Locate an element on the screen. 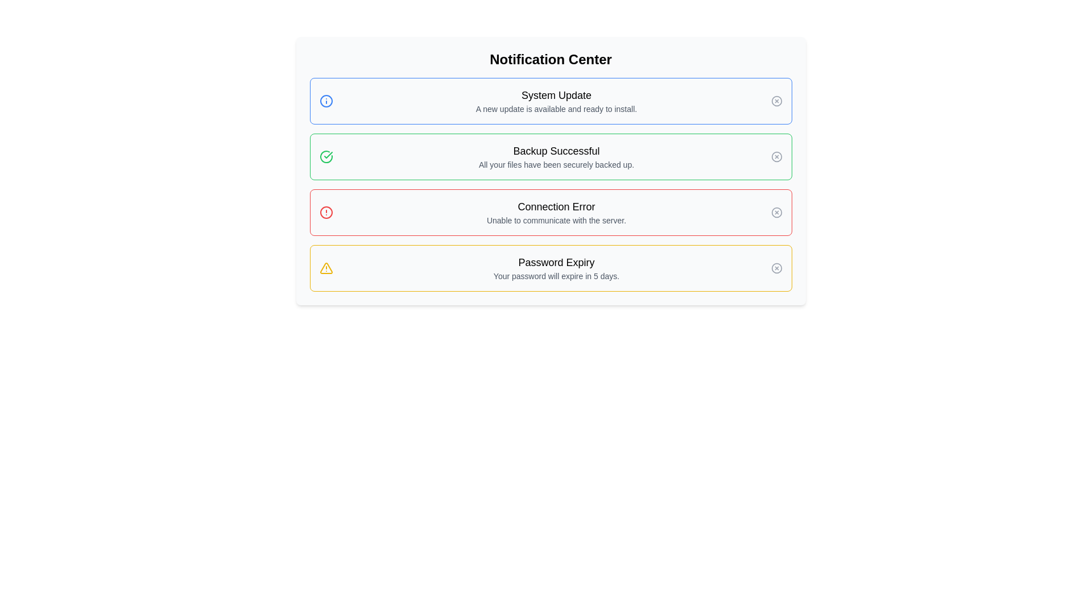 The height and width of the screenshot is (614, 1092). the visual state of the 'Backup Successful' icon located in the notification center, which is the leftmost item in the second notification block is located at coordinates (325, 157).